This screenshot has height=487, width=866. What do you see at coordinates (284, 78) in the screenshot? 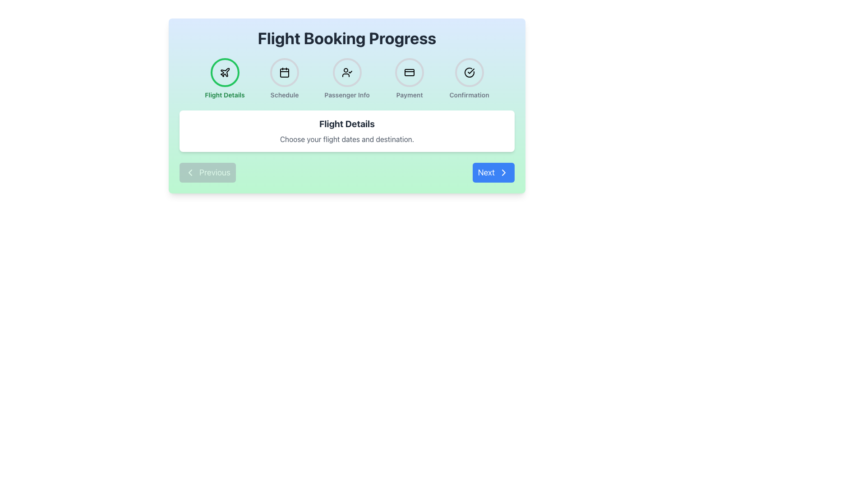
I see `the 'Schedule' button in the flight booking navigation bar` at bounding box center [284, 78].